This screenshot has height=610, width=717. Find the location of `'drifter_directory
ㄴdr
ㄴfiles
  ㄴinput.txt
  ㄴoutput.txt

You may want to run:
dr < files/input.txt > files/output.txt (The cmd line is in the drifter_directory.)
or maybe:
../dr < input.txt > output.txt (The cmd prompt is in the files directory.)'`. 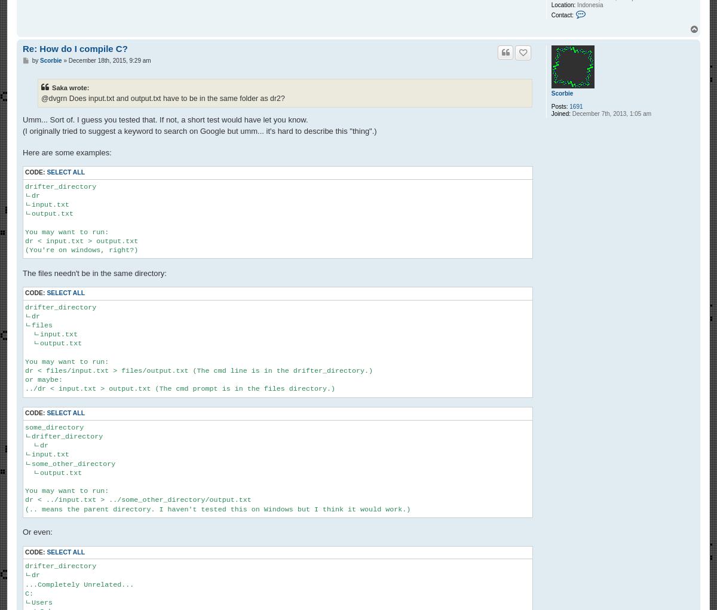

'drifter_directory
ㄴdr
ㄴfiles
  ㄴinput.txt
  ㄴoutput.txt

You may want to run:
dr < files/input.txt > files/output.txt (The cmd line is in the drifter_directory.)
or maybe:
../dr < input.txt > output.txt (The cmd prompt is in the files directory.)' is located at coordinates (25, 347).